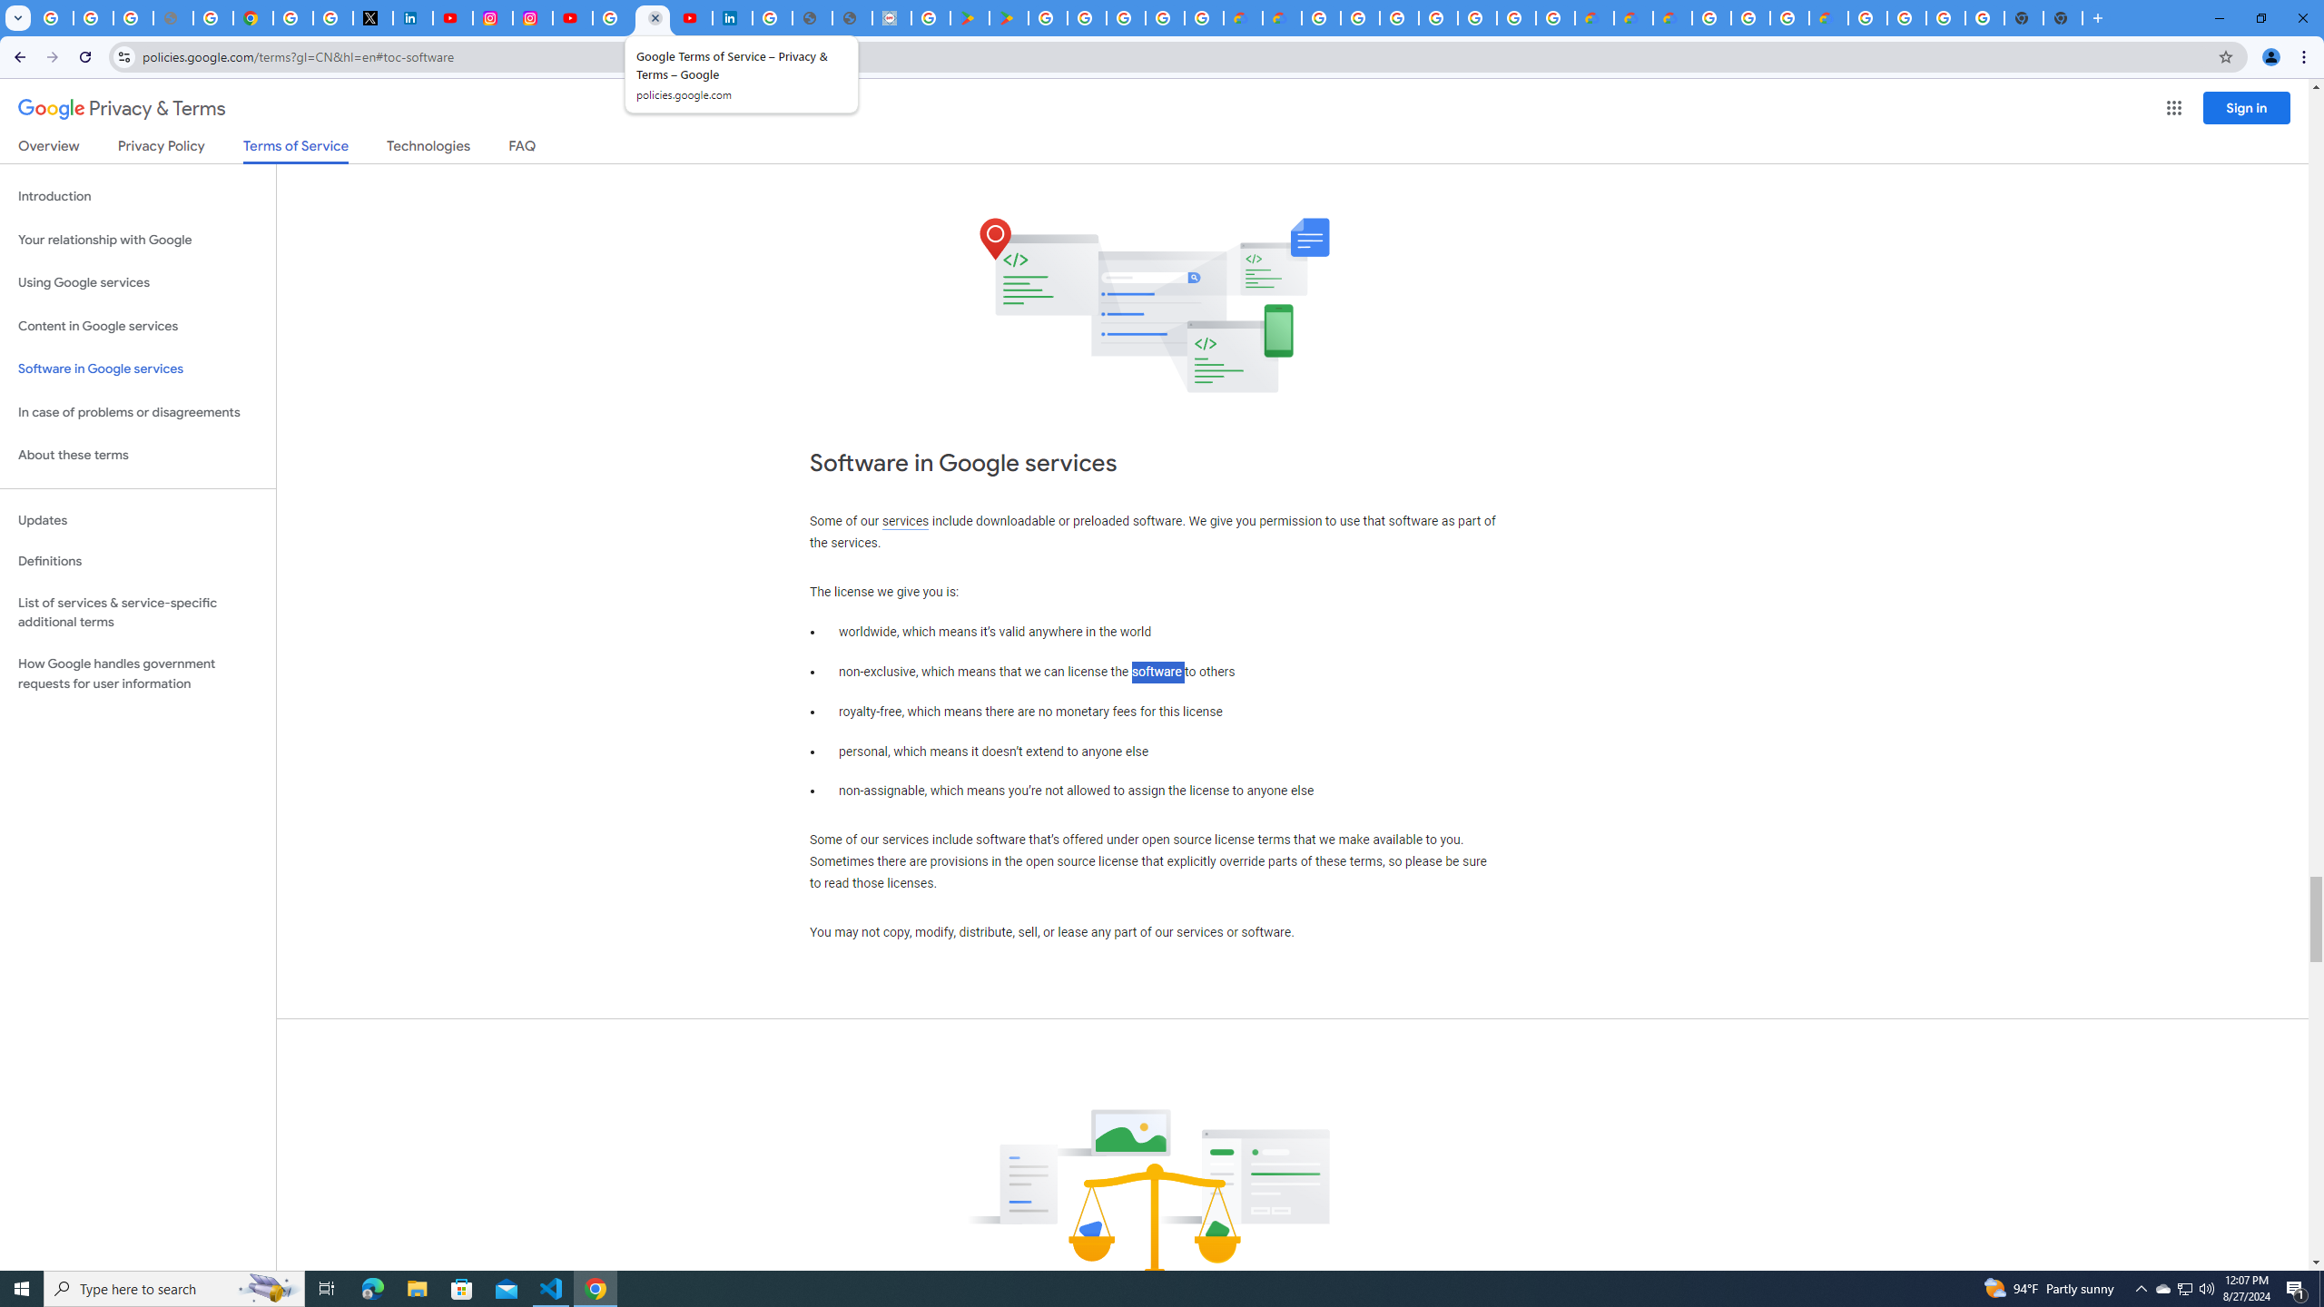  What do you see at coordinates (1868, 17) in the screenshot?
I see `'Google Cloud Platform'` at bounding box center [1868, 17].